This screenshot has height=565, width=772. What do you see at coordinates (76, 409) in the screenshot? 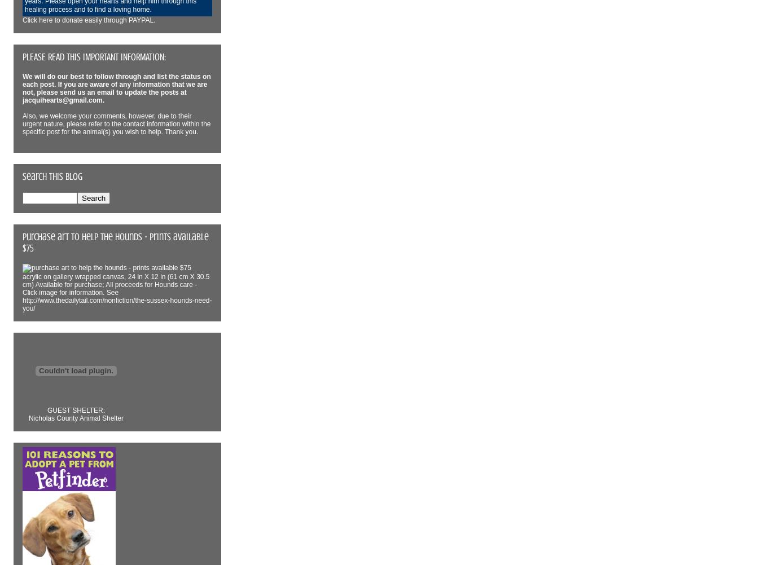
I see `'GUEST SHELTER:'` at bounding box center [76, 409].